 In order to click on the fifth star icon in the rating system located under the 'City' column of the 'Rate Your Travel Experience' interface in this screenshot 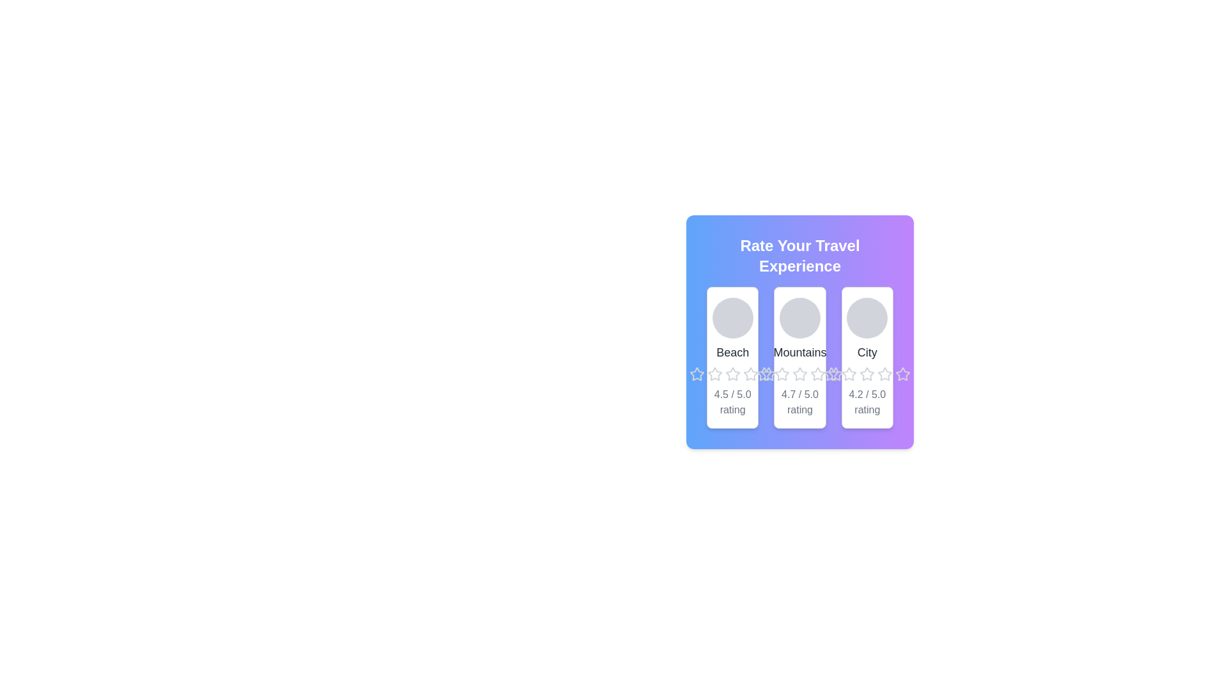, I will do `click(884, 374)`.